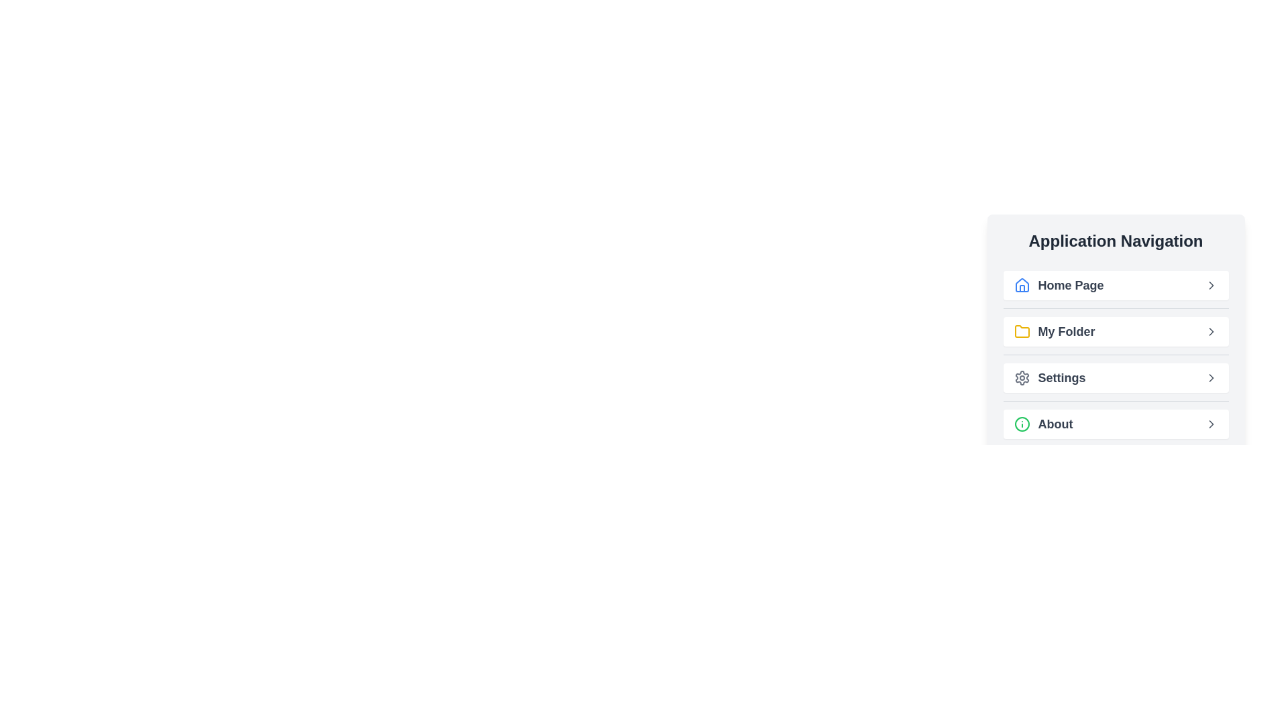 This screenshot has height=724, width=1288. Describe the element at coordinates (1211, 377) in the screenshot. I see `the chevron icon located at the top right corner of the 'Settings' navigation item` at that location.